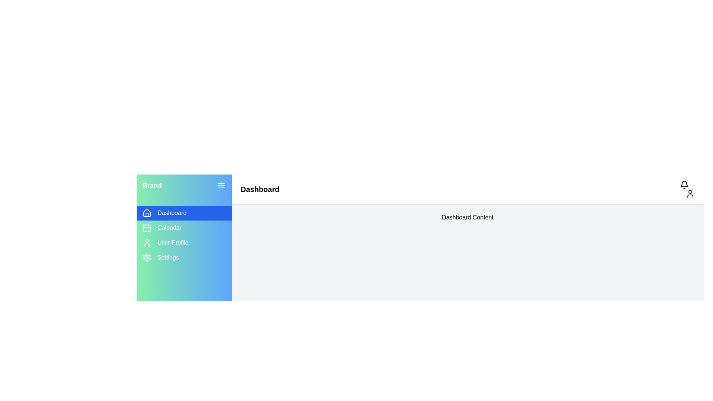 The image size is (713, 401). I want to click on the notification bell icon, which is styled with a simple outline design and positioned in the top-right corner of the interface, so click(684, 184).